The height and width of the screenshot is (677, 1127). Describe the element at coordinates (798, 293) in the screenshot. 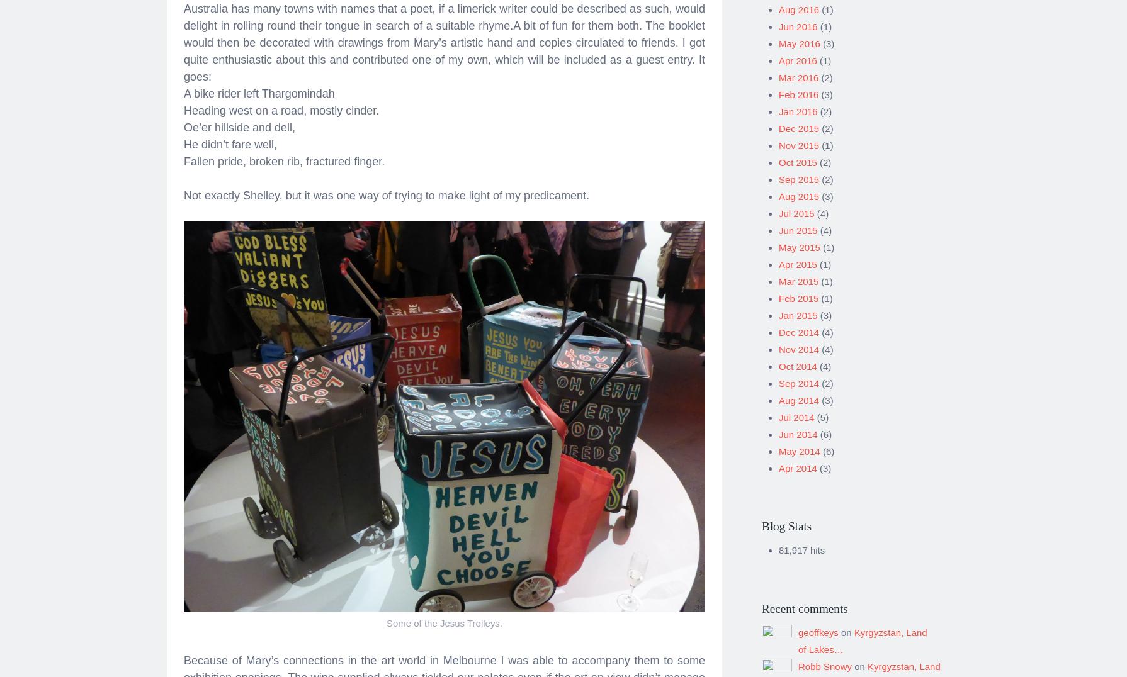

I see `'Feb 2015'` at that location.